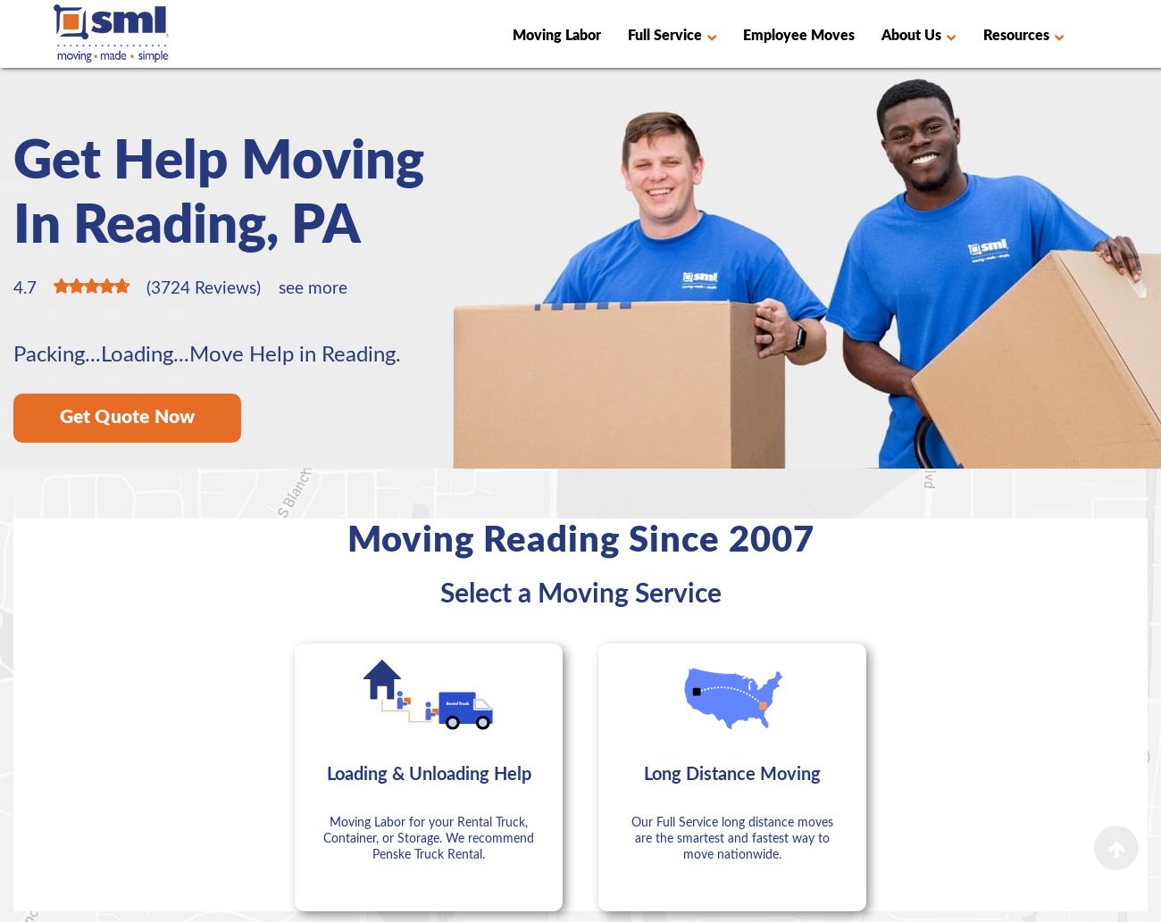 This screenshot has width=1161, height=922. What do you see at coordinates (146, 287) in the screenshot?
I see `'(3724 Reviews)'` at bounding box center [146, 287].